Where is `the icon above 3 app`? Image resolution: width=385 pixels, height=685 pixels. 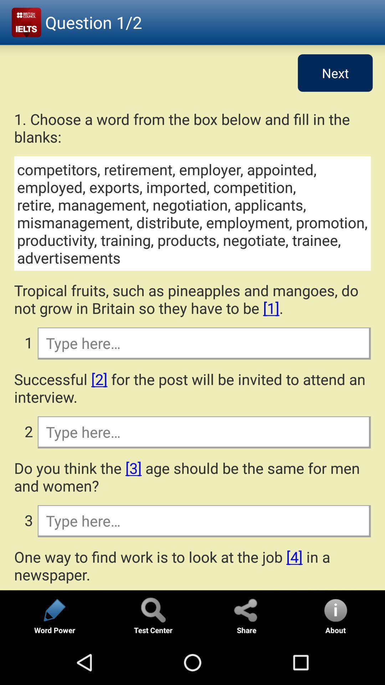
the icon above 3 app is located at coordinates (192, 477).